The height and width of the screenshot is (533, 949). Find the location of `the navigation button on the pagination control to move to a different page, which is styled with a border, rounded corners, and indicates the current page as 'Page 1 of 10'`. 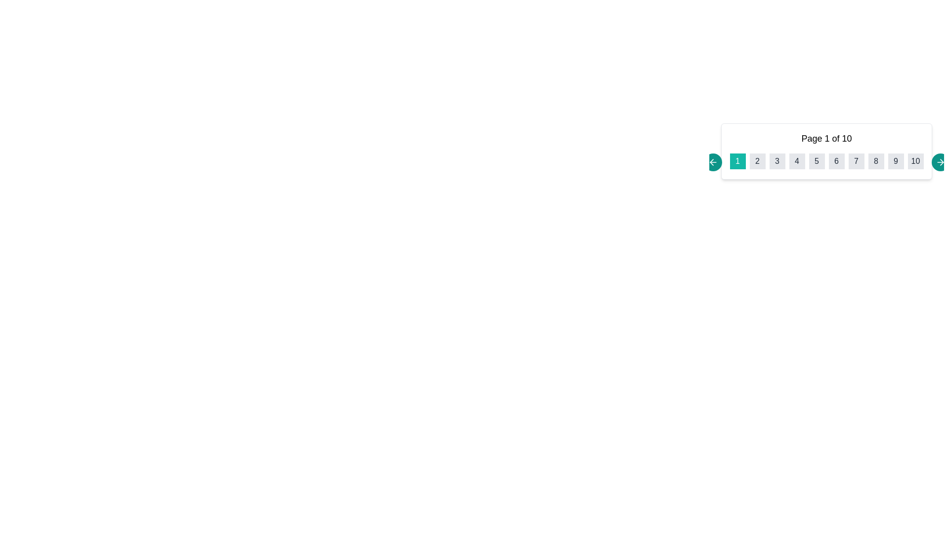

the navigation button on the pagination control to move to a different page, which is styled with a border, rounded corners, and indicates the current page as 'Page 1 of 10' is located at coordinates (826, 152).